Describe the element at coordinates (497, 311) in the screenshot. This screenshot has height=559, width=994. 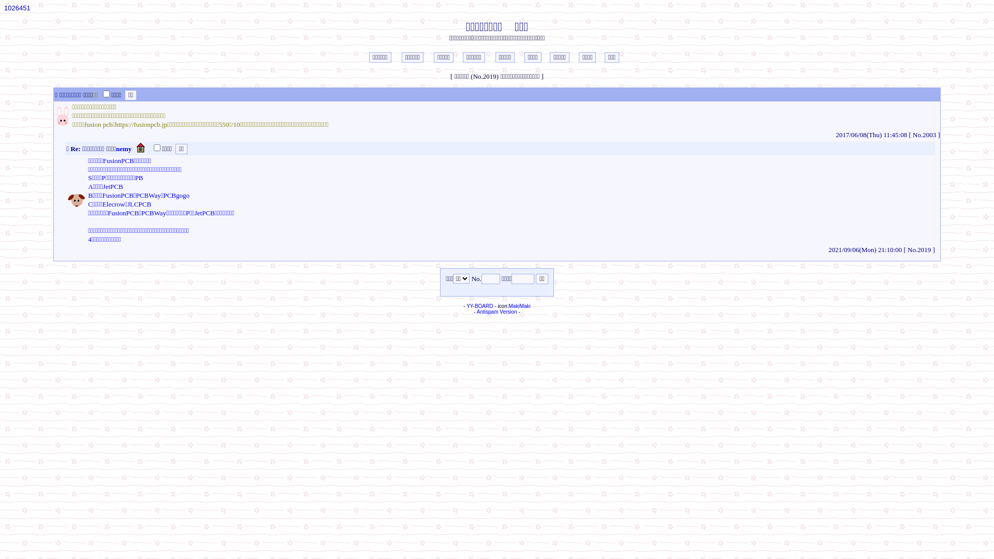
I see `'Antispam Version'` at that location.